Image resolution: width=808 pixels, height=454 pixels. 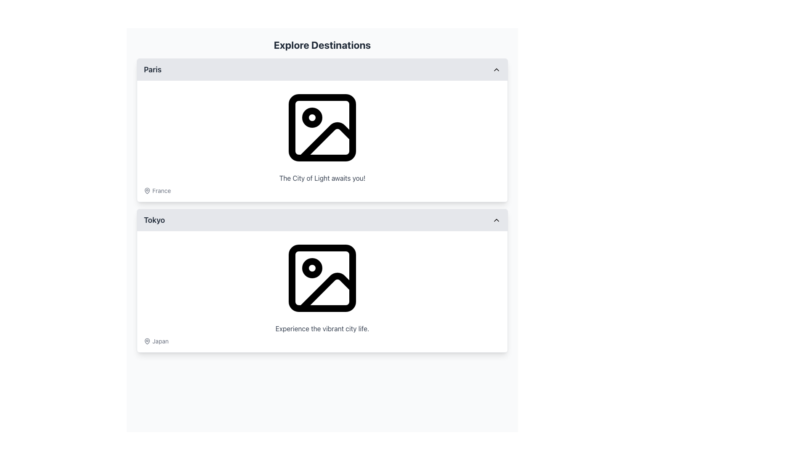 What do you see at coordinates (147, 191) in the screenshot?
I see `the pin-shaped icon located to the left of the text 'France' in the section under 'Paris'` at bounding box center [147, 191].